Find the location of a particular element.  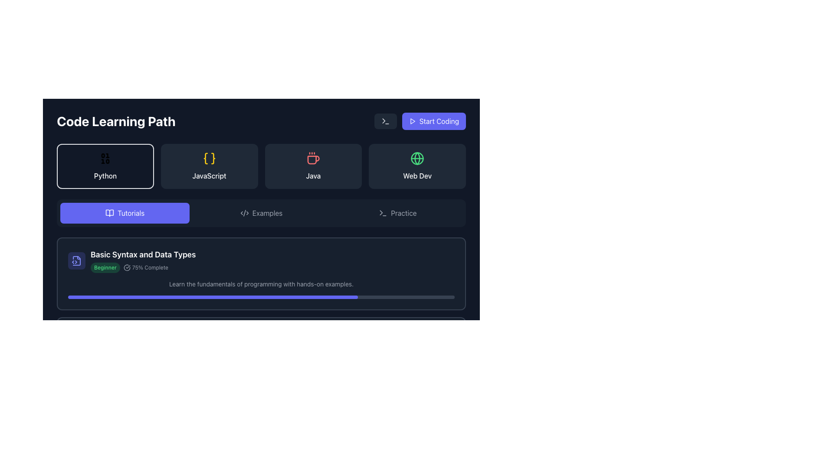

the terminal icon located on the left side of the 'Practice' button, which is the first icon in the sequence before the 'Practice' text label is located at coordinates (383, 213).